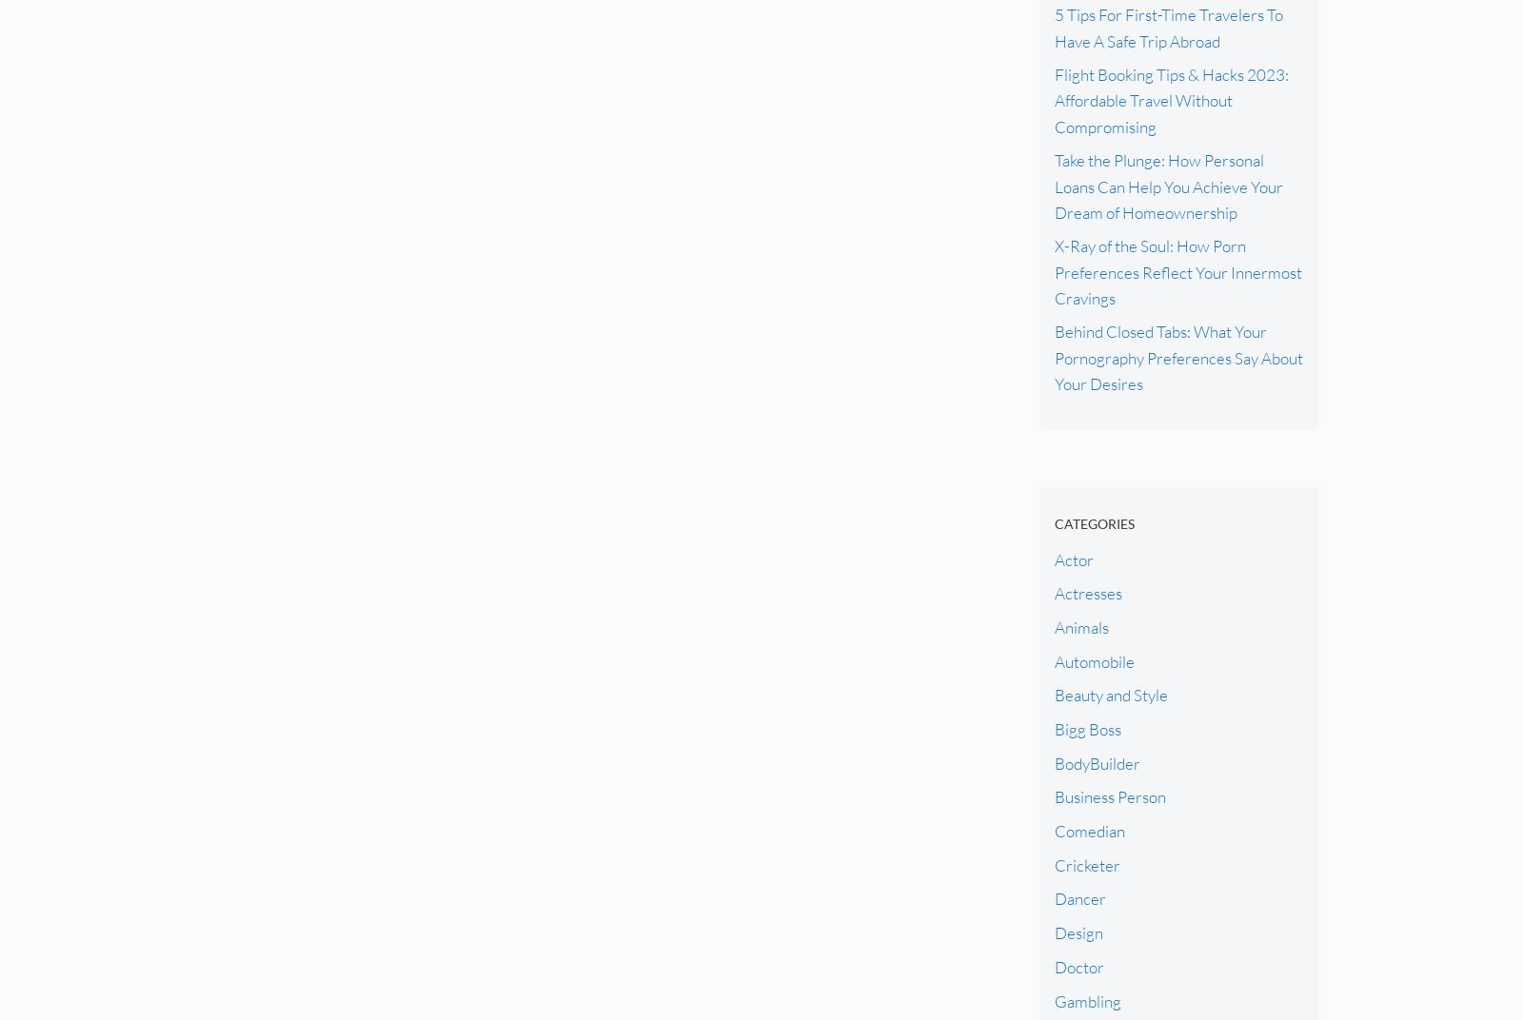 The width and height of the screenshot is (1523, 1020). I want to click on '5 Tips For First-Time Travelers To Have A Safe Trip Abroad', so click(1167, 27).